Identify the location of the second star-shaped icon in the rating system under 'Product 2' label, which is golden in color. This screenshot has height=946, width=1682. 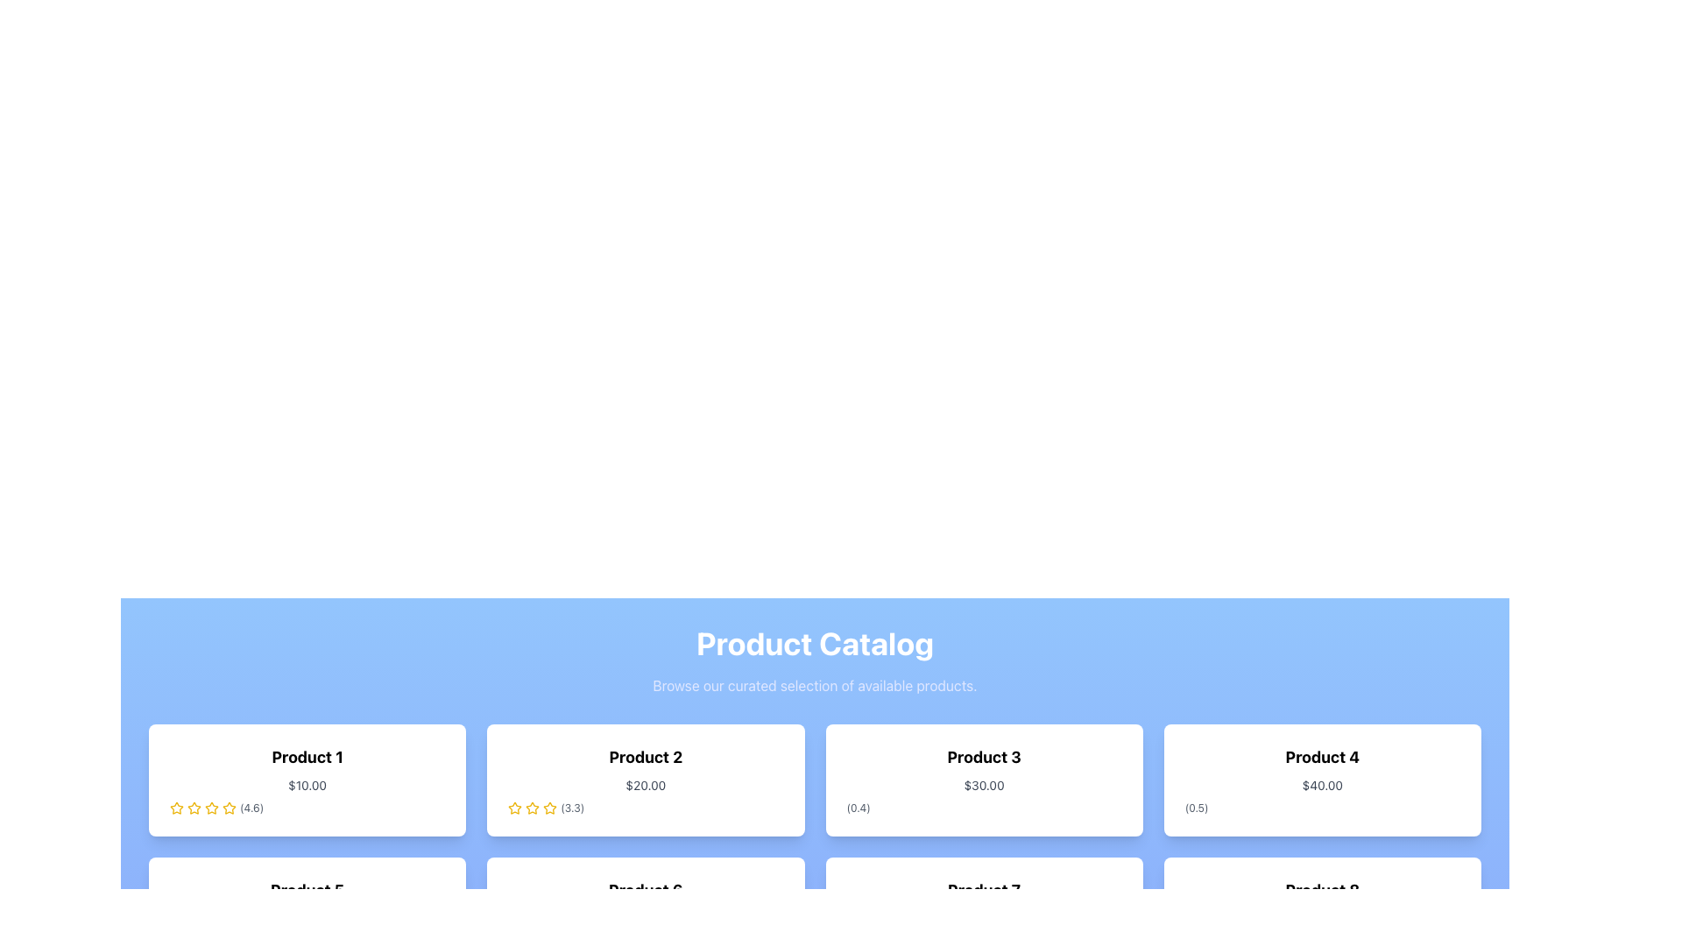
(532, 808).